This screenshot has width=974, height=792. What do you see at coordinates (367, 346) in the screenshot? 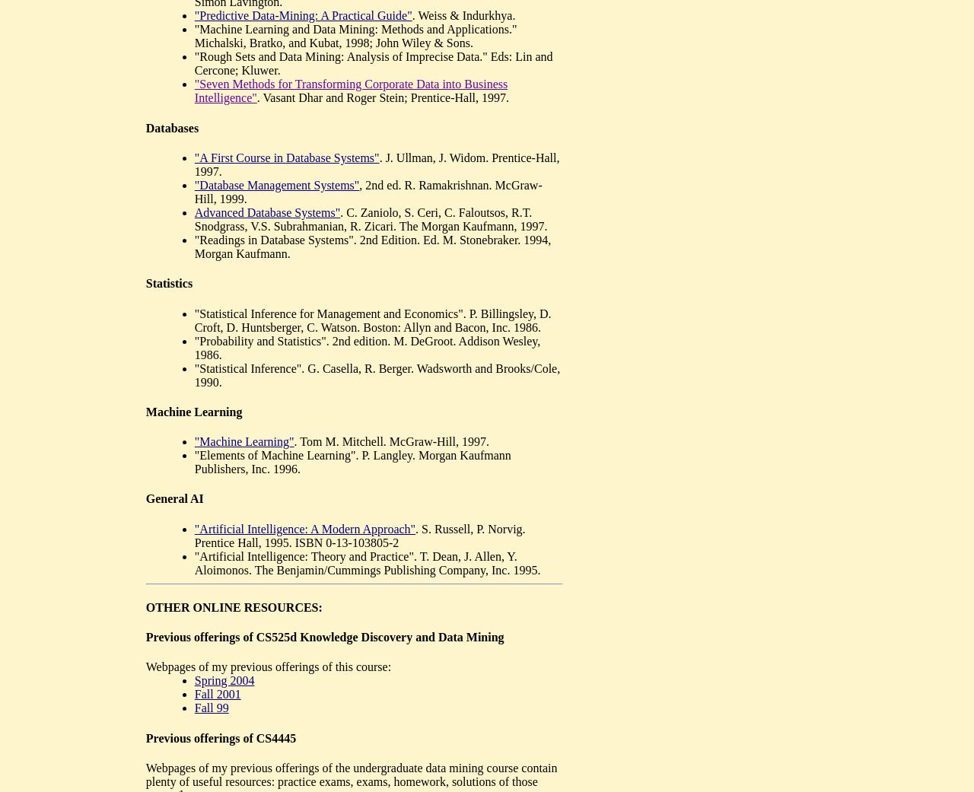
I see `'"Probability and Statistics". 2nd edition.
	M. DeGroot. Addison Wesley, 1986.'` at bounding box center [367, 346].